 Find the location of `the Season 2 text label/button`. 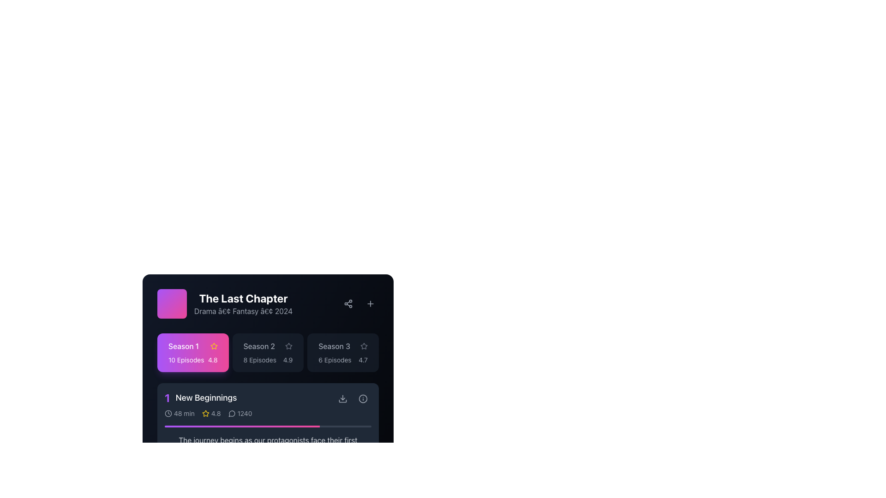

the Season 2 text label/button is located at coordinates (258, 346).